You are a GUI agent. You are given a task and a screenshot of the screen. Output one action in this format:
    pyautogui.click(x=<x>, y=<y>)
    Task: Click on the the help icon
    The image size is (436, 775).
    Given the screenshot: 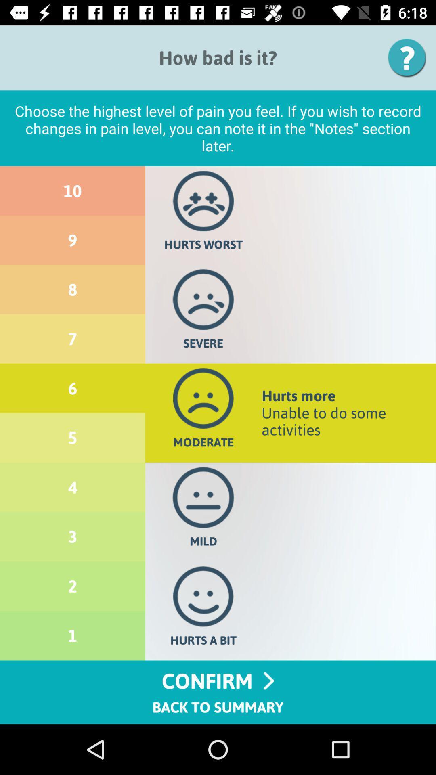 What is the action you would take?
    pyautogui.click(x=410, y=57)
    